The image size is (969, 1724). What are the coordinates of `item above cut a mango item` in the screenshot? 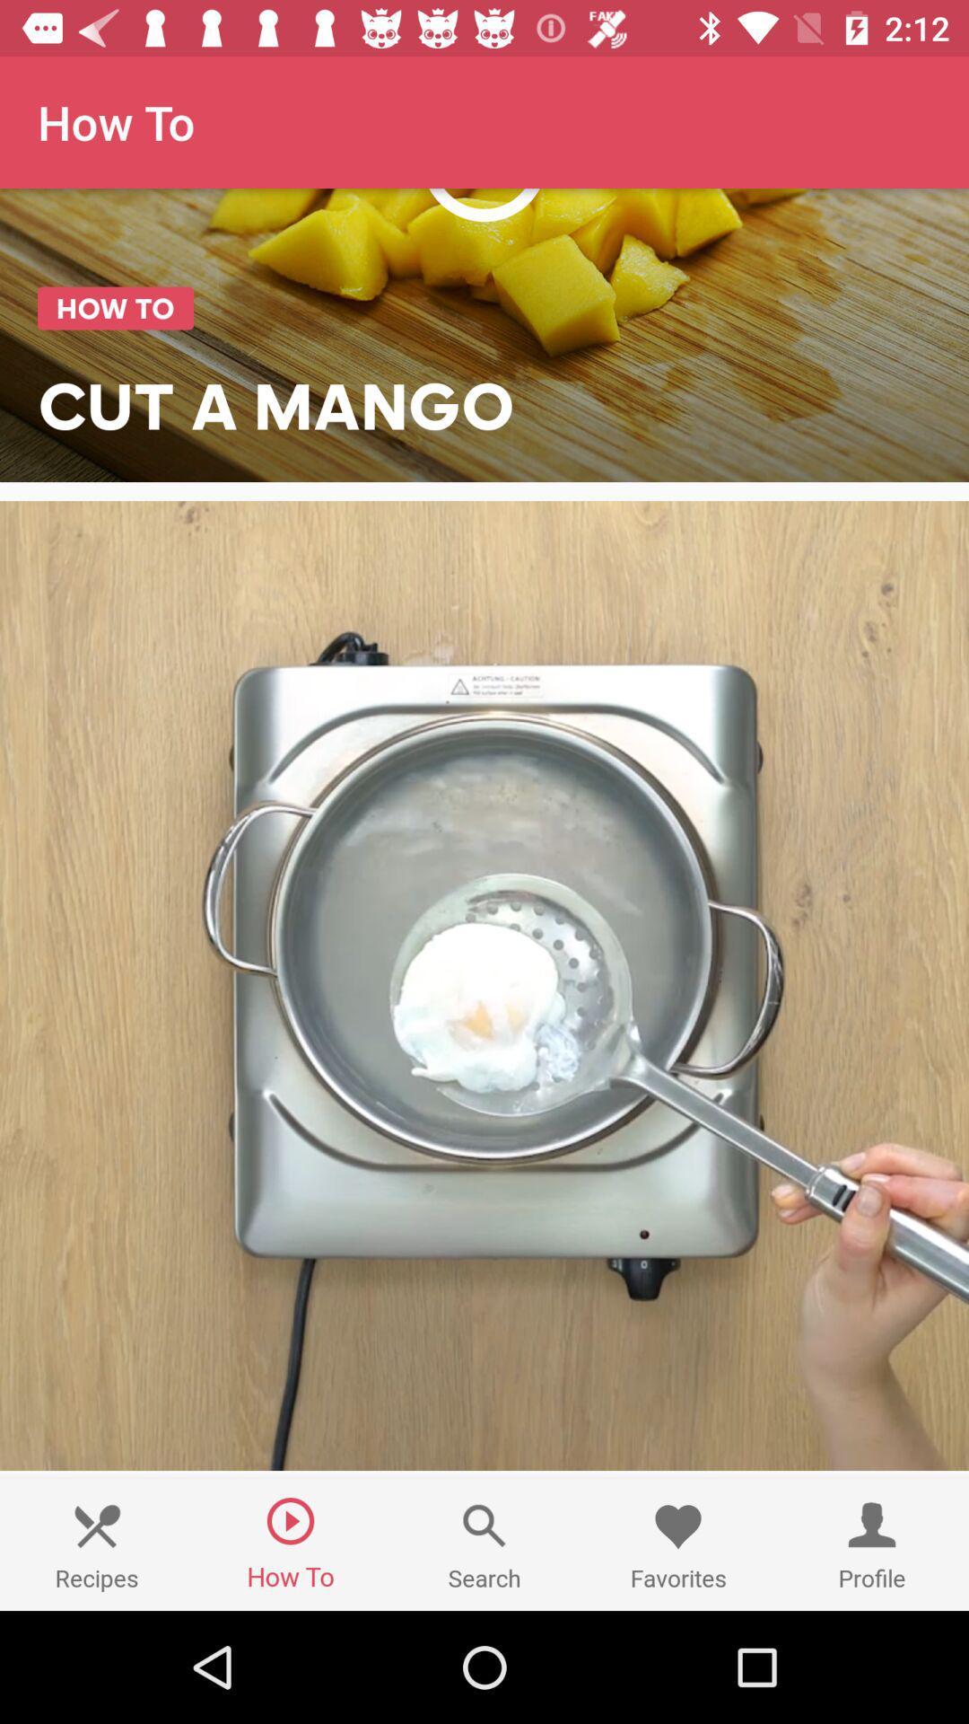 It's located at (484, 211).